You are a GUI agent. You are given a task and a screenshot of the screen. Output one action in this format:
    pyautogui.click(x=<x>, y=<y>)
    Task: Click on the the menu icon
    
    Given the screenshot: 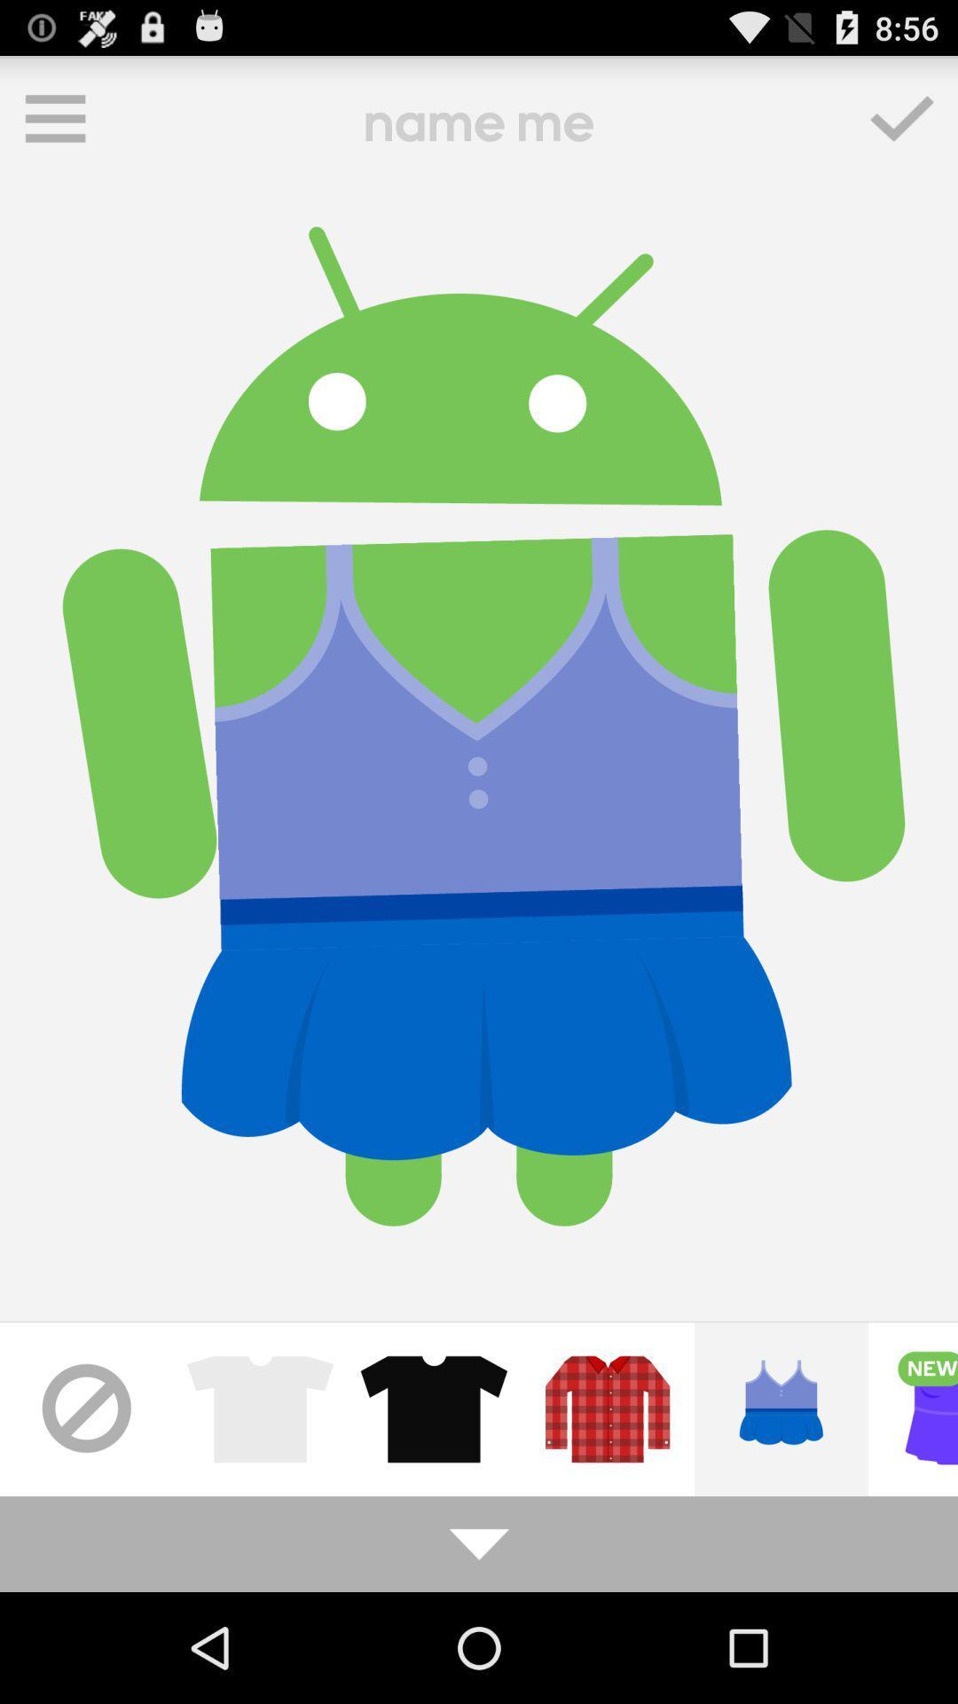 What is the action you would take?
    pyautogui.click(x=54, y=126)
    